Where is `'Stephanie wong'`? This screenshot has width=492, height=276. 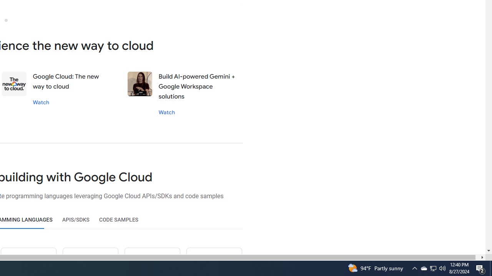
'Stephanie wong' is located at coordinates (140, 84).